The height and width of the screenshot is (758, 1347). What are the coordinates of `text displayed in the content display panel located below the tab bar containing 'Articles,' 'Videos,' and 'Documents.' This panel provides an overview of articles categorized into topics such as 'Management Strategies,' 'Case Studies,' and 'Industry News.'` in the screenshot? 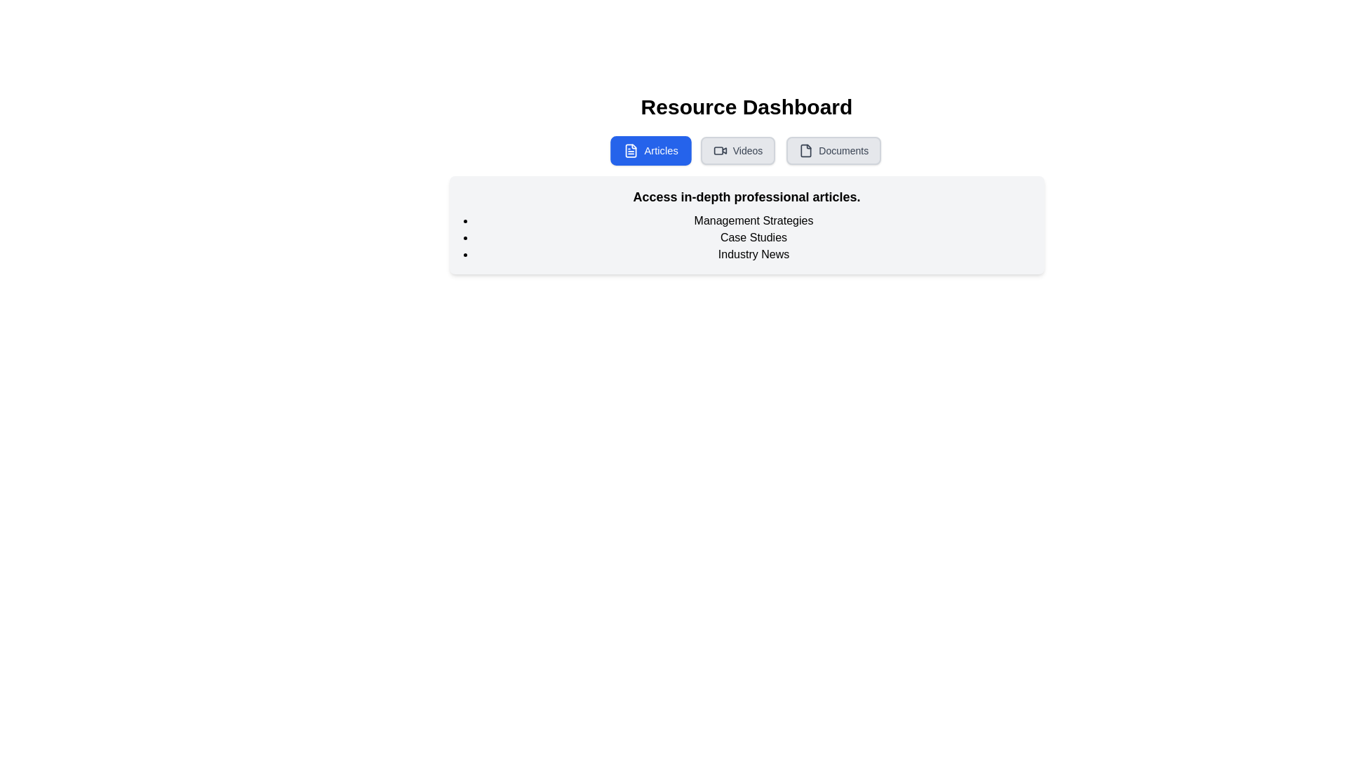 It's located at (746, 224).